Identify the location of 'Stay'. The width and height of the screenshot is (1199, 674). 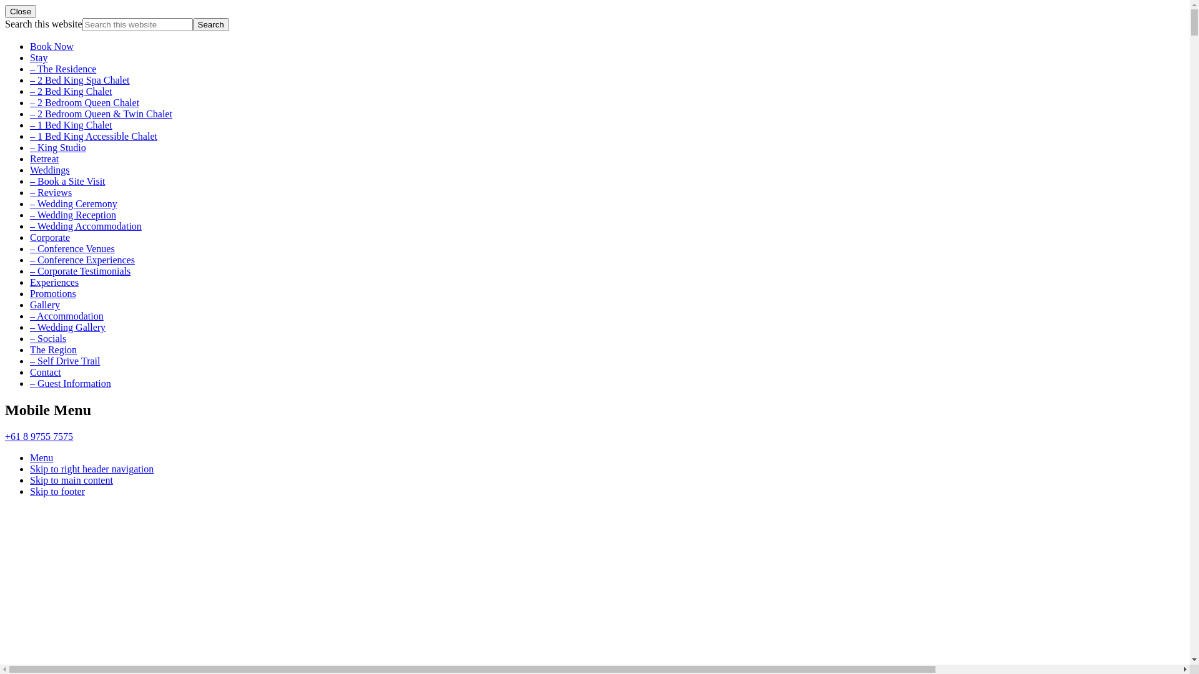
(30, 57).